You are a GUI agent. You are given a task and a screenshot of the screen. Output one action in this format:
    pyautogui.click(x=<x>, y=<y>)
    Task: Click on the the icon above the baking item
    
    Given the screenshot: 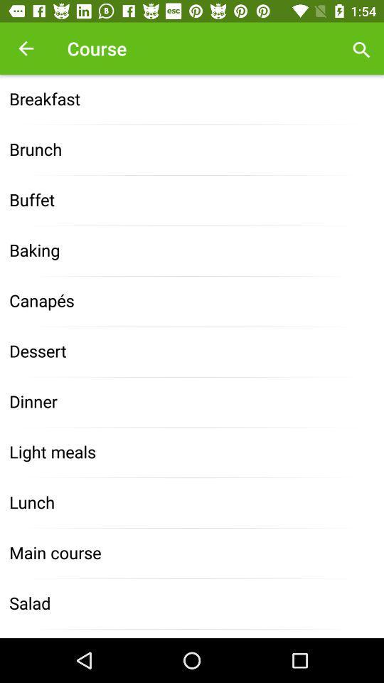 What is the action you would take?
    pyautogui.click(x=192, y=200)
    